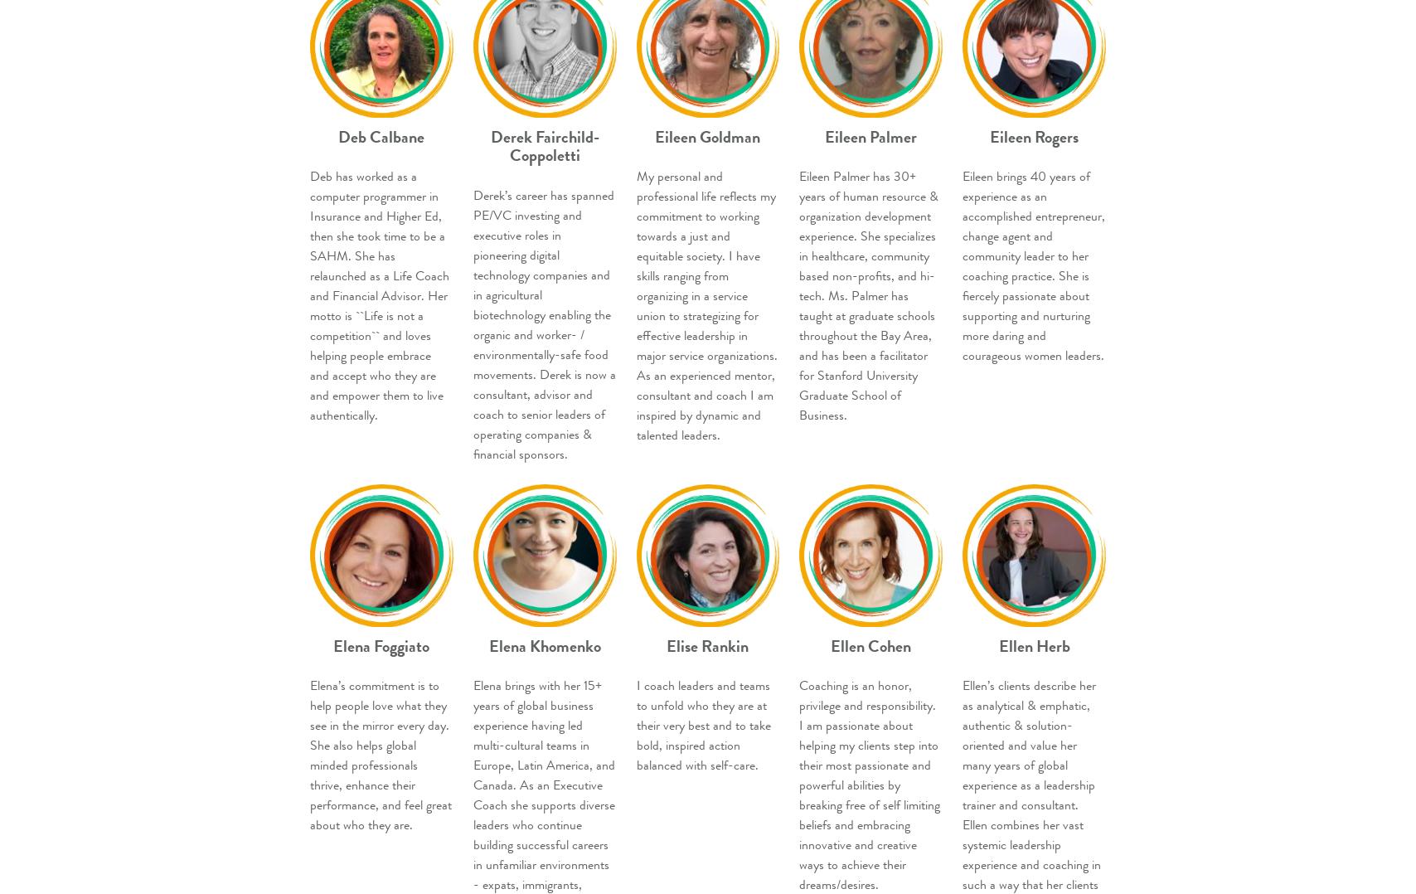  Describe the element at coordinates (381, 756) in the screenshot. I see `'Elena’s commitment is to help people love what they see in the mirror every day. She also helps global minded professionals thrive, enhance their performance, and feel great about who they are.'` at that location.